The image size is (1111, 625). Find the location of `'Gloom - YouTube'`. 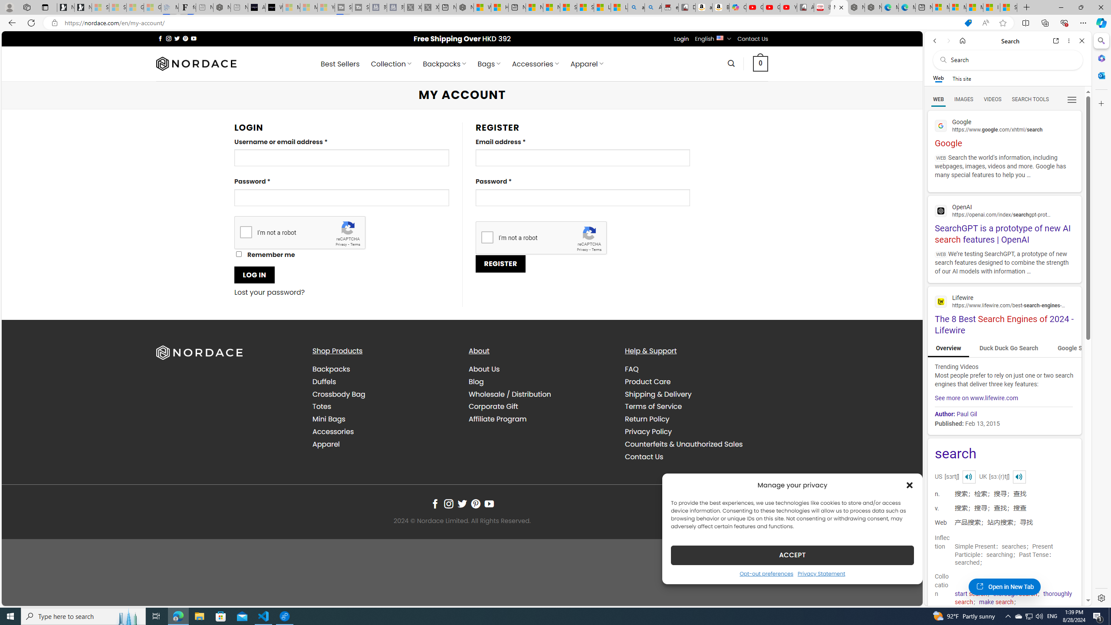

'Gloom - YouTube' is located at coordinates (771, 7).